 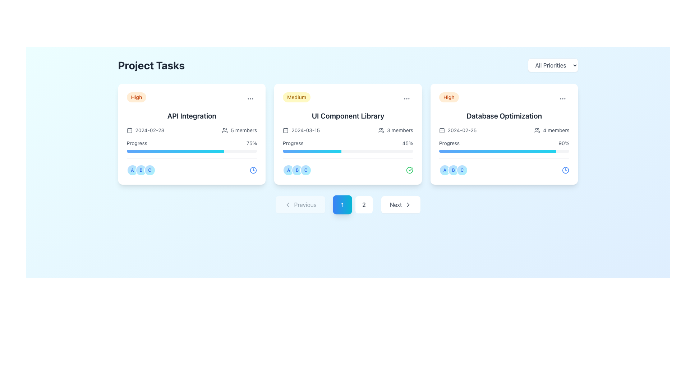 What do you see at coordinates (348, 146) in the screenshot?
I see `the progress value displayed in the Progress bar located within the 'UI Component Library' card, positioned below the date and member count information` at bounding box center [348, 146].